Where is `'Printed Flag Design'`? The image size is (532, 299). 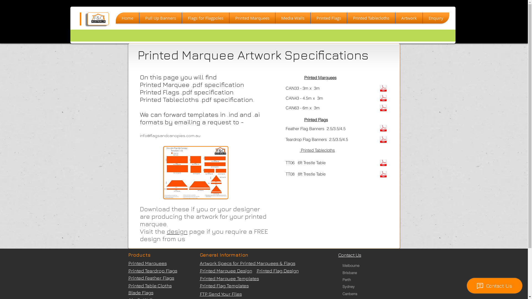 'Printed Flag Design' is located at coordinates (278, 270).